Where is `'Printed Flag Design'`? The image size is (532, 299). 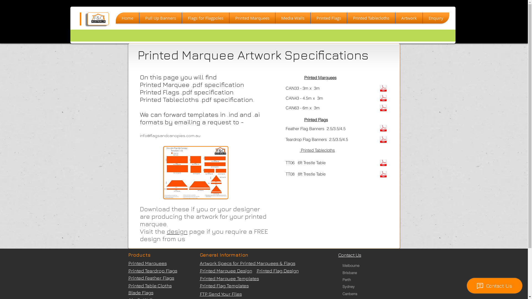 'Printed Flag Design' is located at coordinates (278, 270).